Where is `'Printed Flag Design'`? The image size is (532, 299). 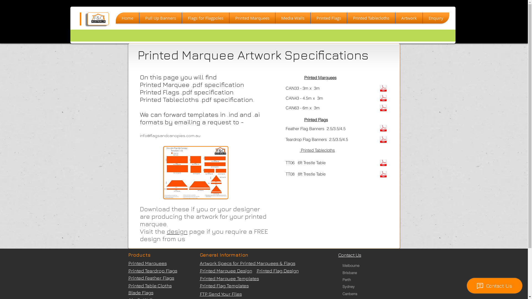 'Printed Flag Design' is located at coordinates (278, 270).